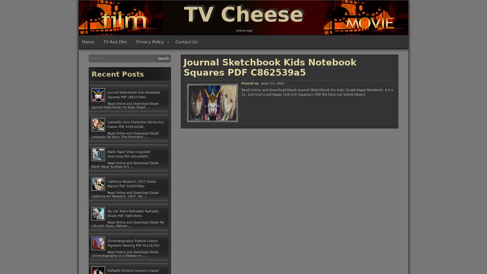 Image resolution: width=487 pixels, height=274 pixels. I want to click on Search, so click(163, 58).